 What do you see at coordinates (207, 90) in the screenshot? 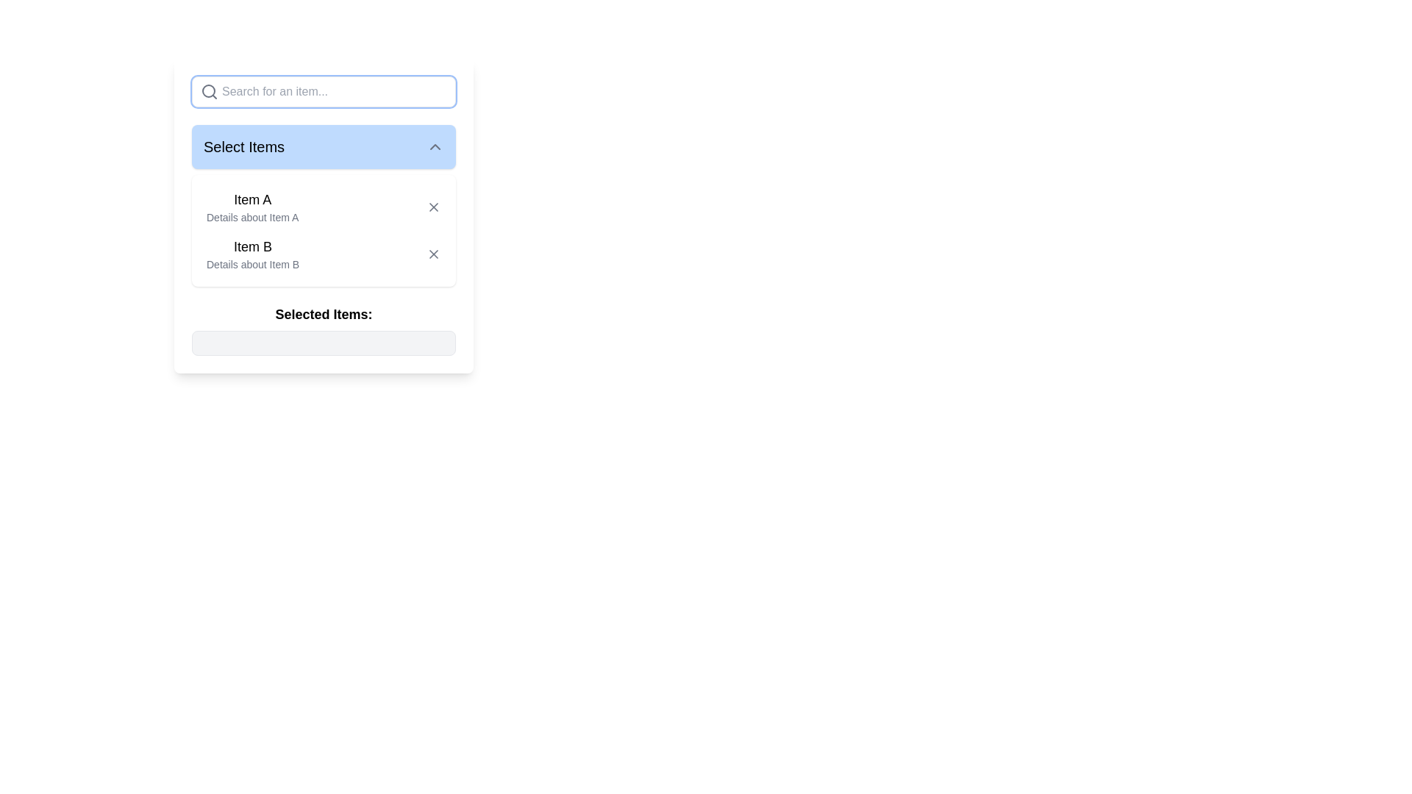
I see `the left-most circular part of the magnifying glass icon representing the search function located at the beginning of the search bar` at bounding box center [207, 90].